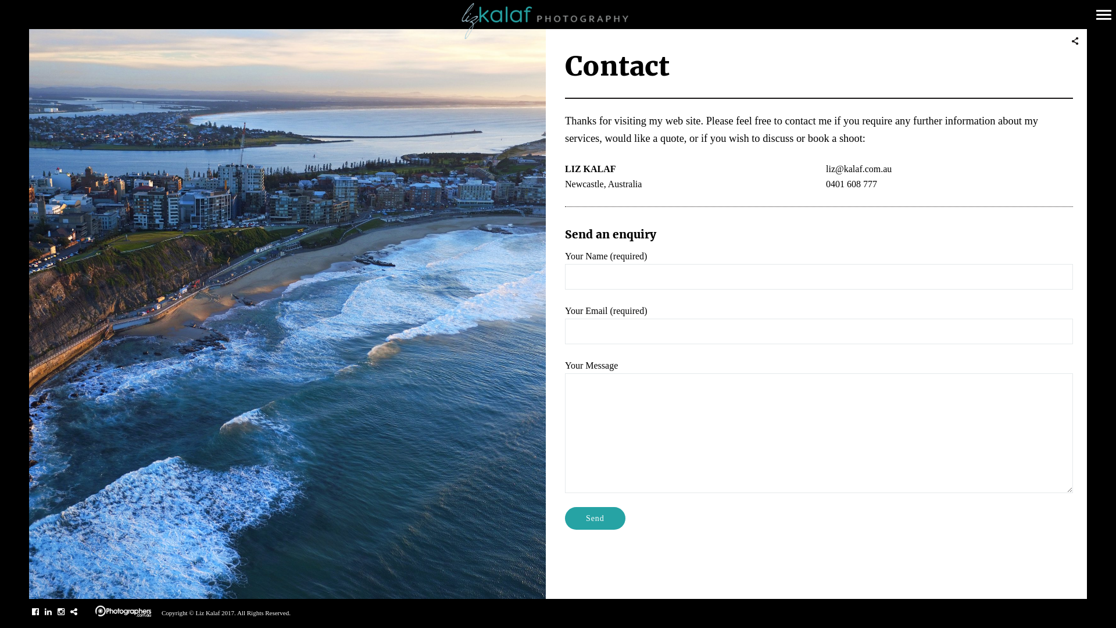 This screenshot has height=628, width=1116. Describe the element at coordinates (564, 518) in the screenshot. I see `'Send'` at that location.